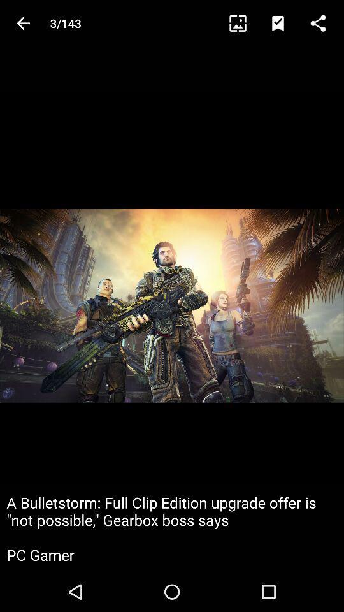 The height and width of the screenshot is (612, 344). I want to click on the item above the a bulletstorm full item, so click(243, 22).